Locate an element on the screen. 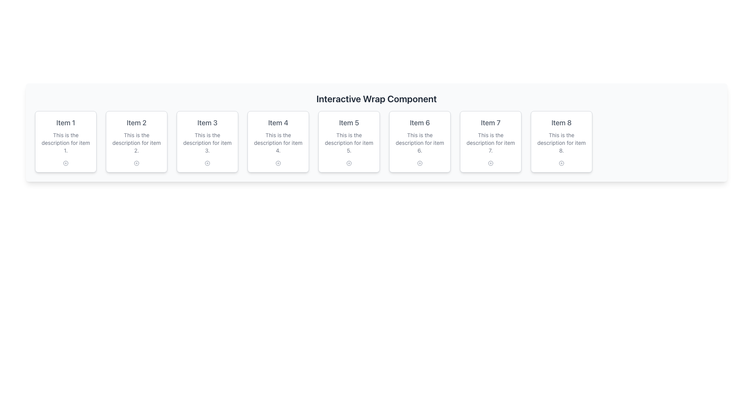  the text label reading 'This is the description for item 1.', which is styled in a small gray font and positioned below the title 'Item 1' within the first card is located at coordinates (66, 143).